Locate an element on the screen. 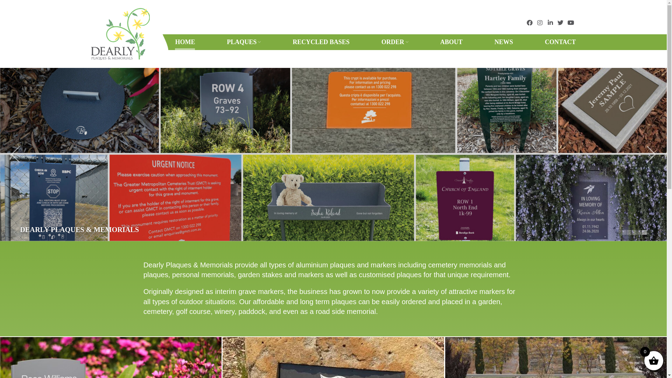 The height and width of the screenshot is (378, 672). '5' is located at coordinates (642, 232).